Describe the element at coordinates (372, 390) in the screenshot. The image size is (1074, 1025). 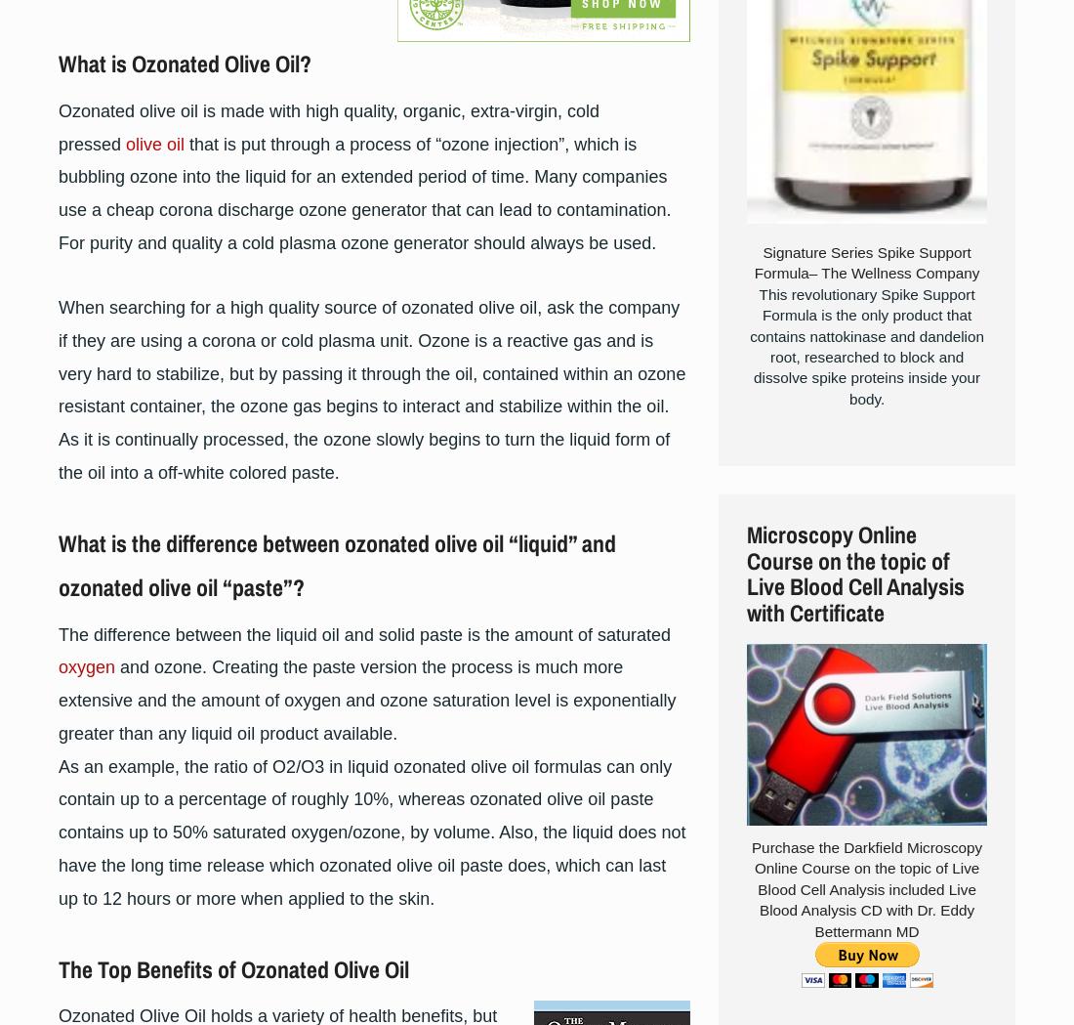
I see `'When searching for a high quality source of ozonated olive oil, ask the company if they are using a corona or cold plasma unit. Ozone is a reactive gas and is very hard to stabilize, but by passing it through the oil, contained within an ozone resistant container, the ozone gas begins to interact and stabilize within the oil. As it is continually processed, the ozone slowly begins to turn the liquid form of the oil into a off-white colored paste.'` at that location.